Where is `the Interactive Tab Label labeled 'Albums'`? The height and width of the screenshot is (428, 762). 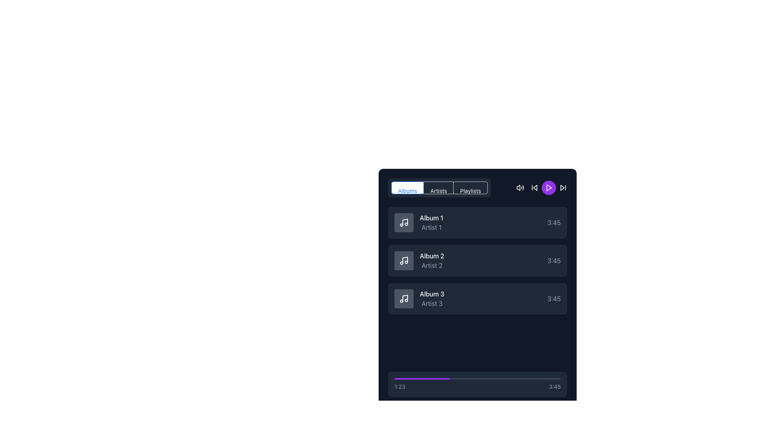
the Interactive Tab Label labeled 'Albums' is located at coordinates (408, 191).